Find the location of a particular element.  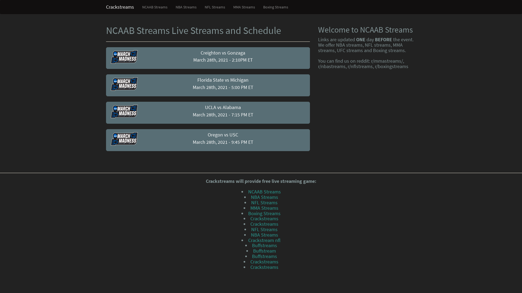

'Boxing Streams' is located at coordinates (264, 213).